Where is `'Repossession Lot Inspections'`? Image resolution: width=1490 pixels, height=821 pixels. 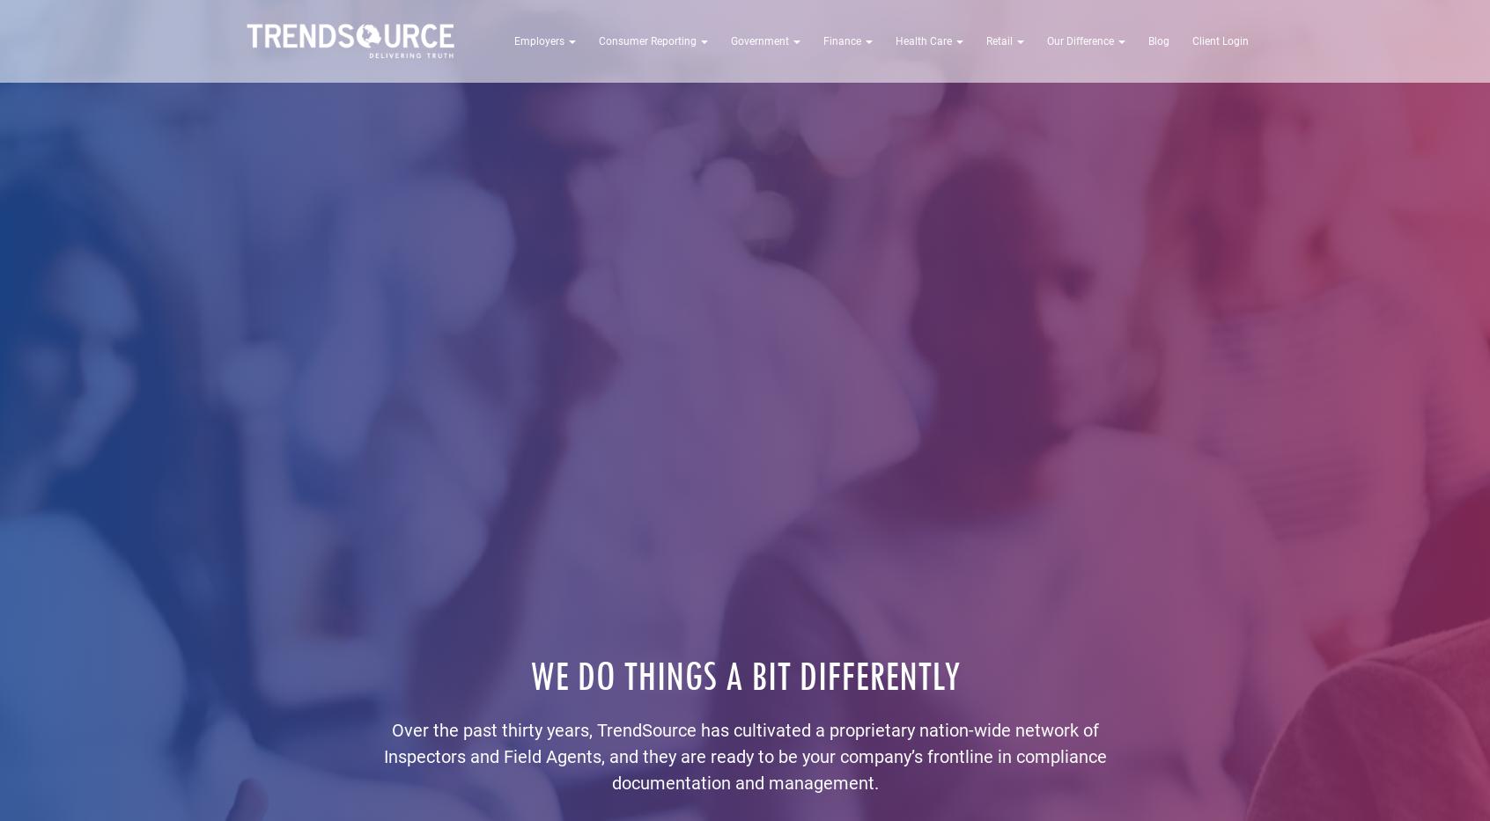 'Repossession Lot Inspections' is located at coordinates (653, 106).